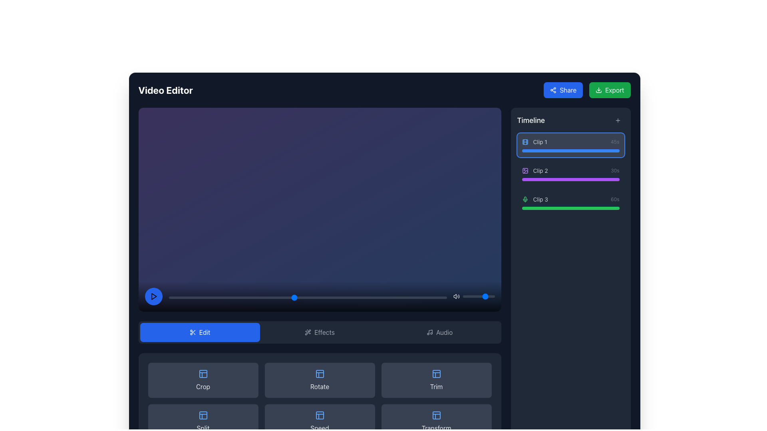 The image size is (767, 431). I want to click on slider value, so click(327, 297).